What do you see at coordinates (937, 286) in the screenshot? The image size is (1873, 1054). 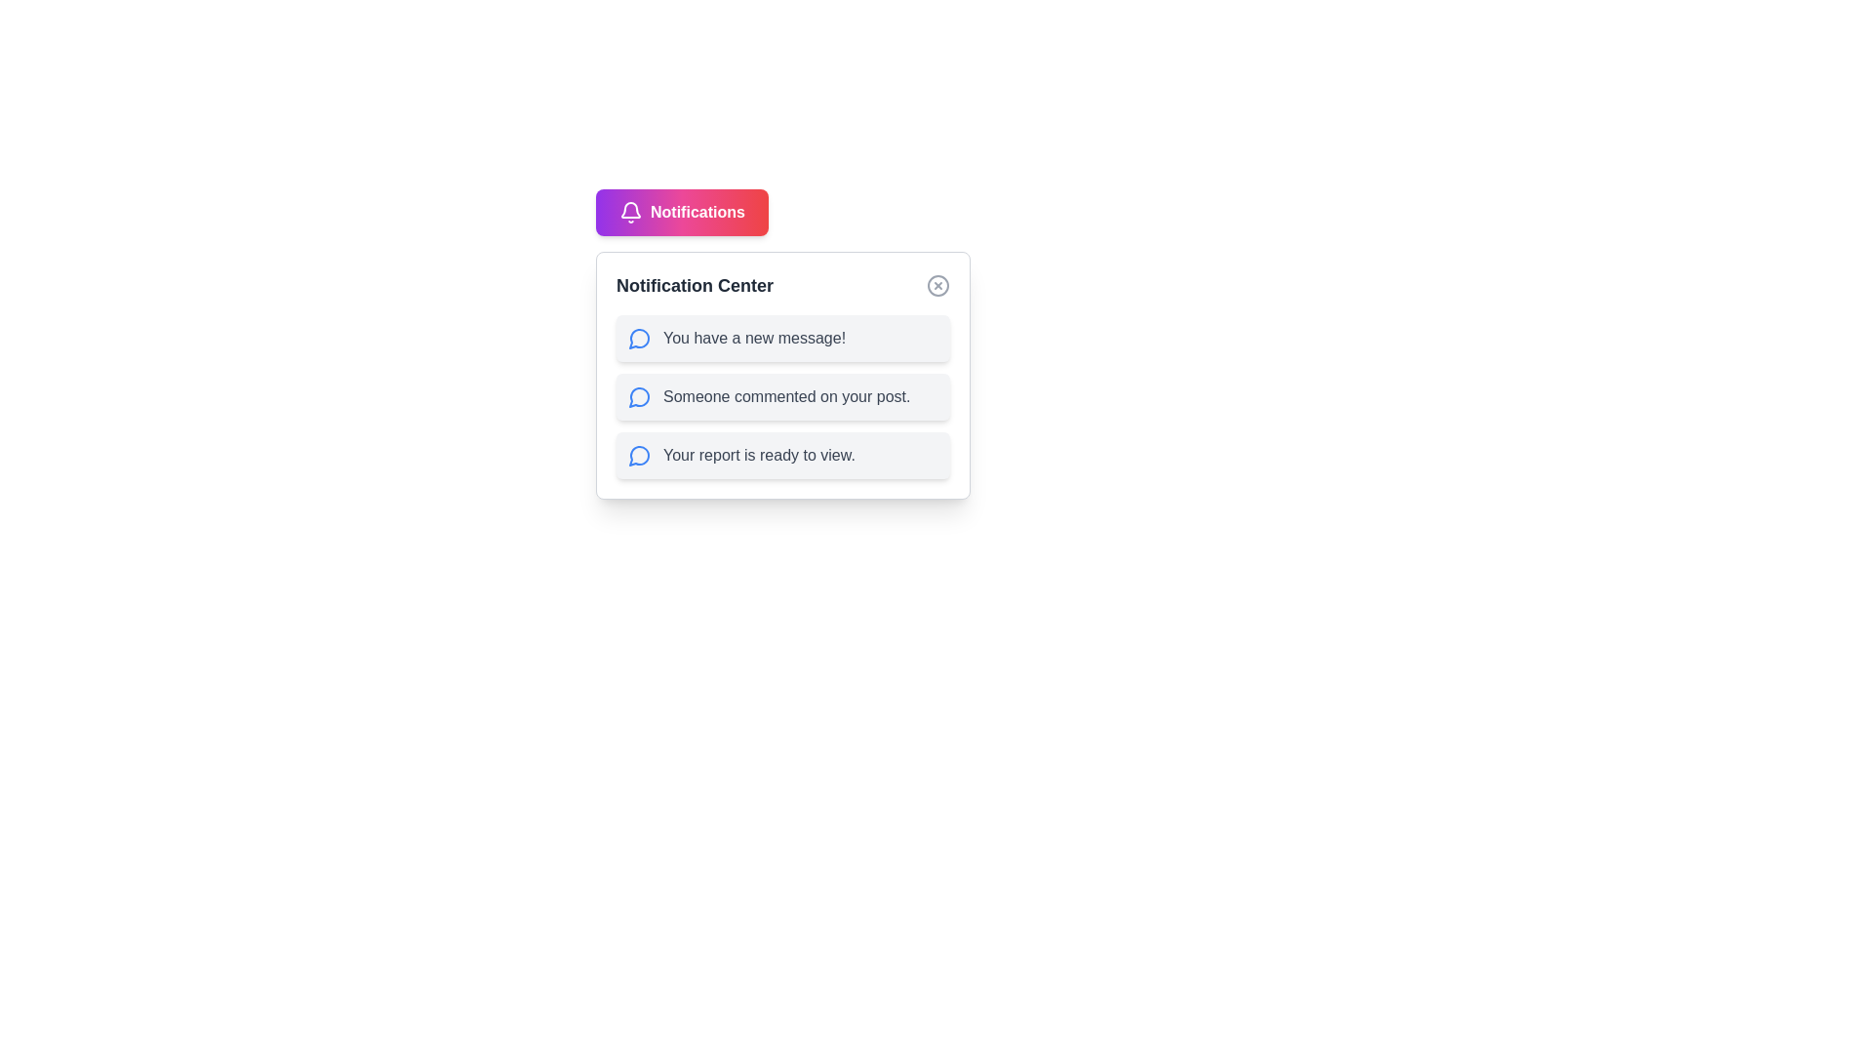 I see `the outlined circular close button located at the top-right corner of the notification panel` at bounding box center [937, 286].